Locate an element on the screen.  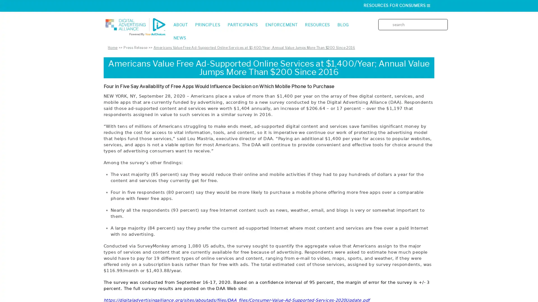
Search is located at coordinates (445, 20).